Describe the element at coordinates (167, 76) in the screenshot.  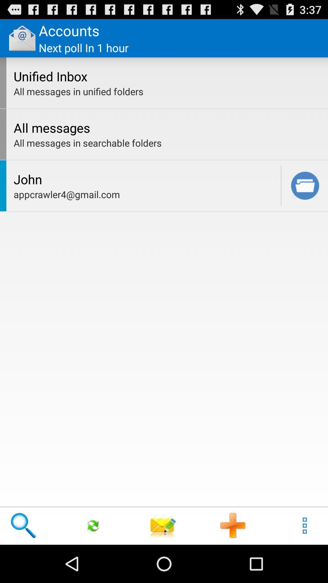
I see `app below the next poll in` at that location.